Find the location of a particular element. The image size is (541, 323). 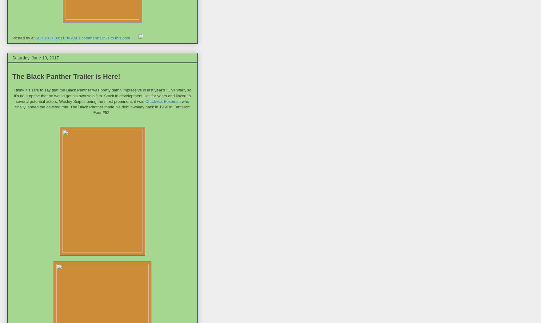

'6/17/2017 09:11:00 AM' is located at coordinates (56, 38).